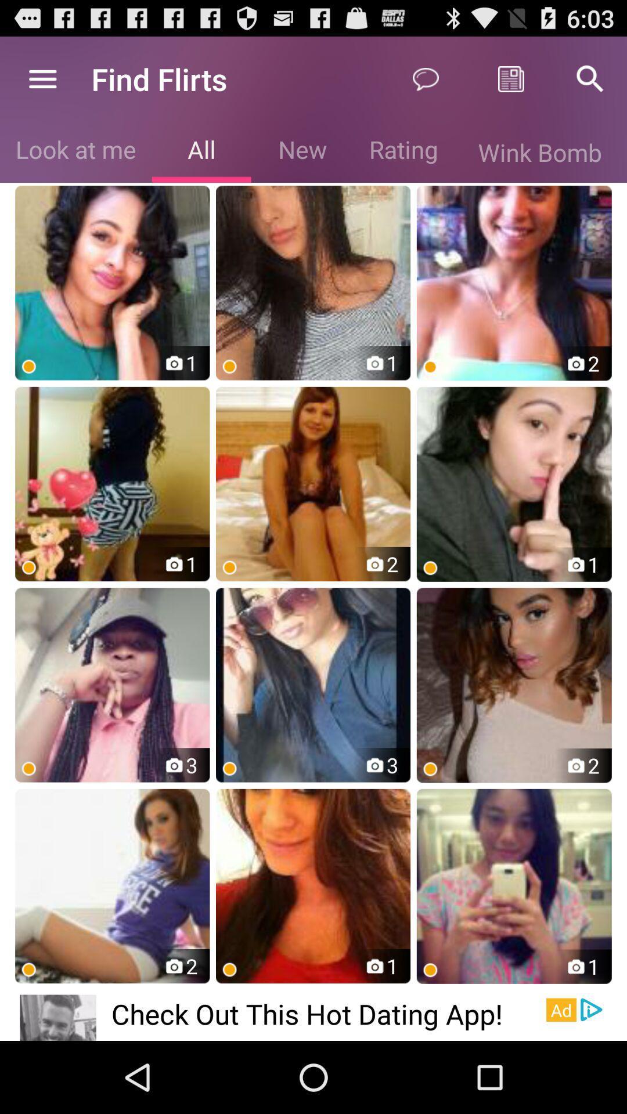  I want to click on the orange dot which is at  extreme bottom right, so click(430, 970).